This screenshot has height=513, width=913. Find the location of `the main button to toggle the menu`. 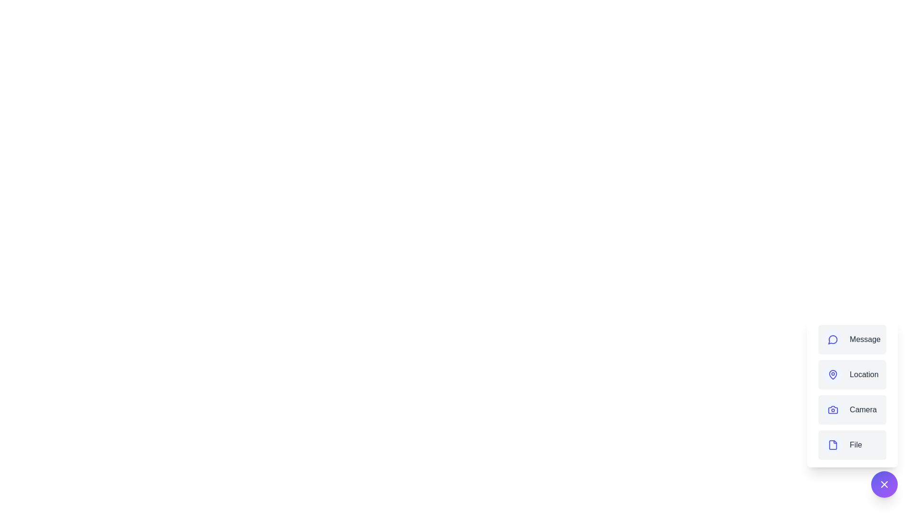

the main button to toggle the menu is located at coordinates (884, 484).